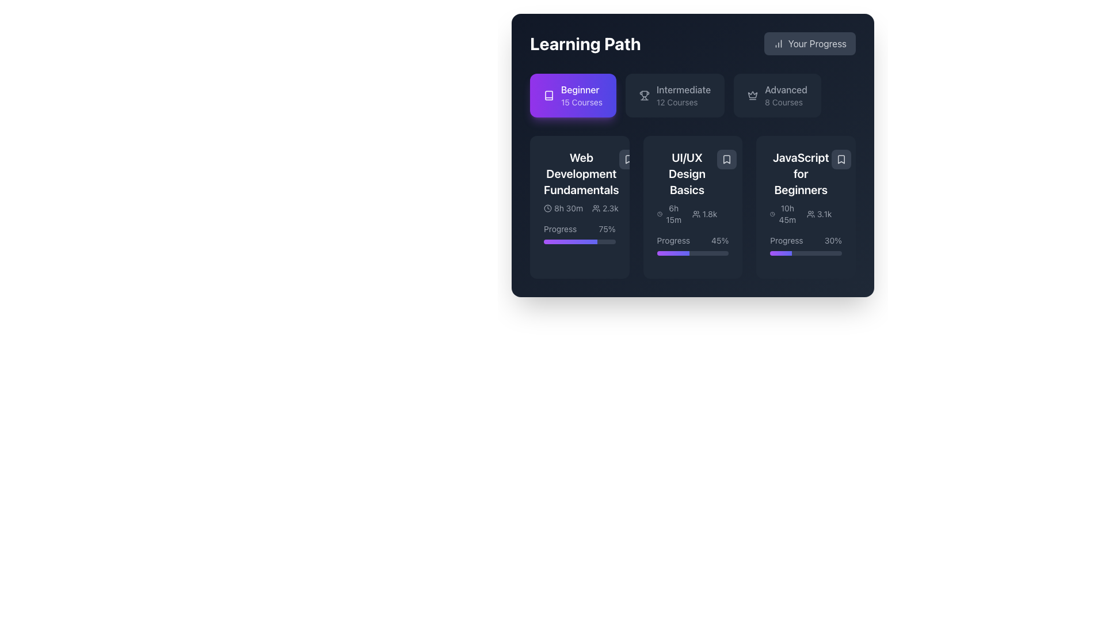 This screenshot has width=1105, height=622. What do you see at coordinates (553, 241) in the screenshot?
I see `the progress` at bounding box center [553, 241].